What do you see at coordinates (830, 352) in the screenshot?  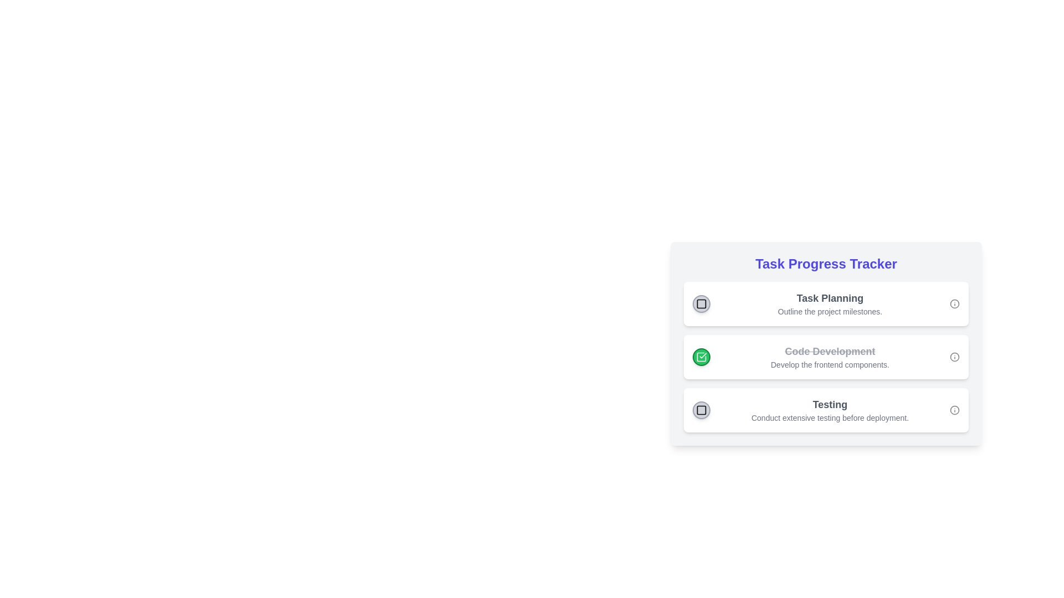 I see `the title text element labeled 'Code Development' which indicates that the task is completed or inactive` at bounding box center [830, 352].